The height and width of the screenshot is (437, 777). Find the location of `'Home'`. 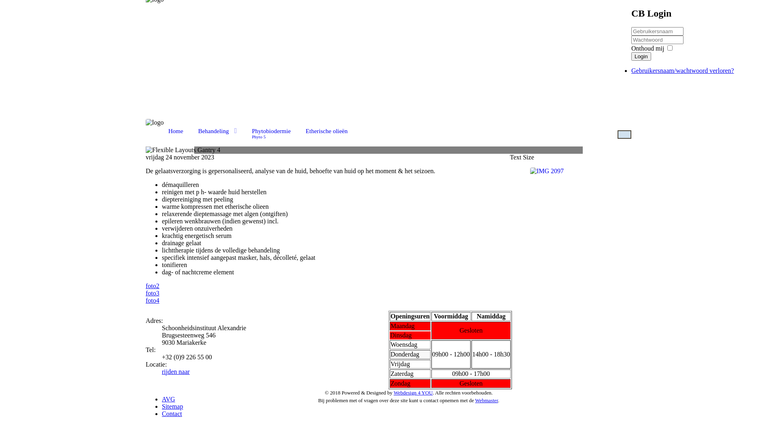

'Home' is located at coordinates (175, 130).